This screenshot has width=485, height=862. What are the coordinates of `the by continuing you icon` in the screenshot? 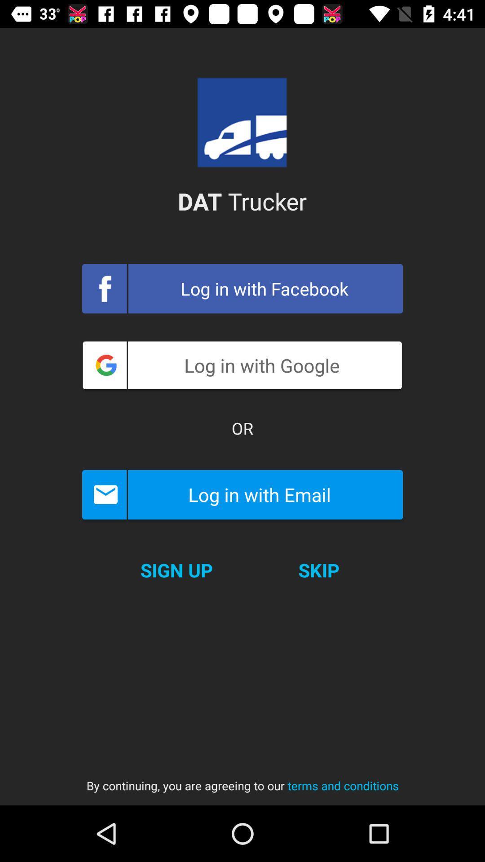 It's located at (242, 777).